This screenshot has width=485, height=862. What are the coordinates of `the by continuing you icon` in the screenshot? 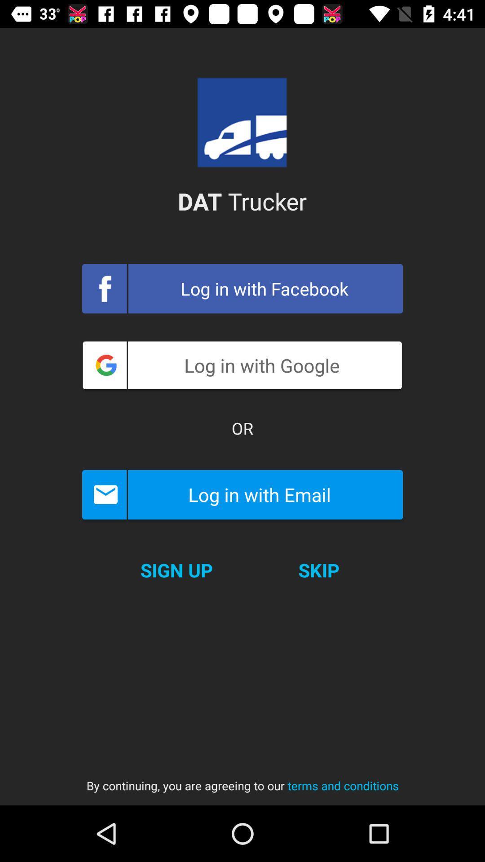 It's located at (242, 777).